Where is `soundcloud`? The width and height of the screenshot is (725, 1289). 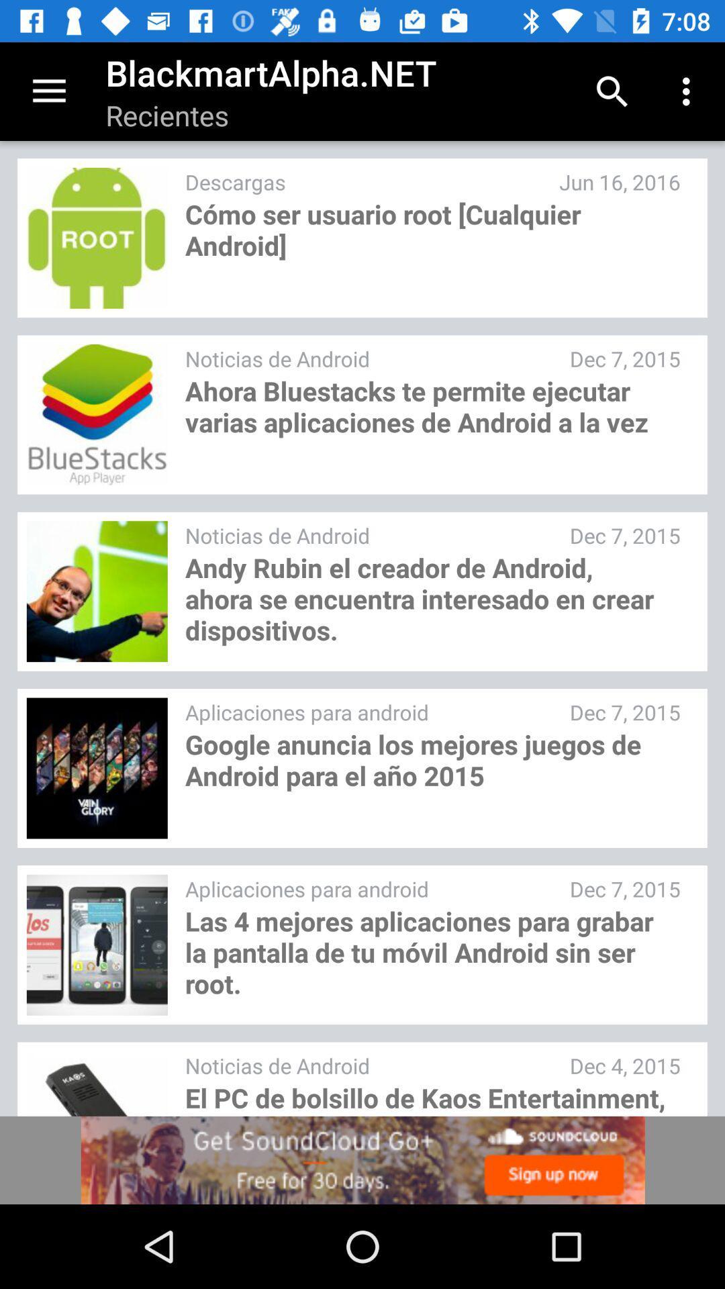 soundcloud is located at coordinates (362, 1159).